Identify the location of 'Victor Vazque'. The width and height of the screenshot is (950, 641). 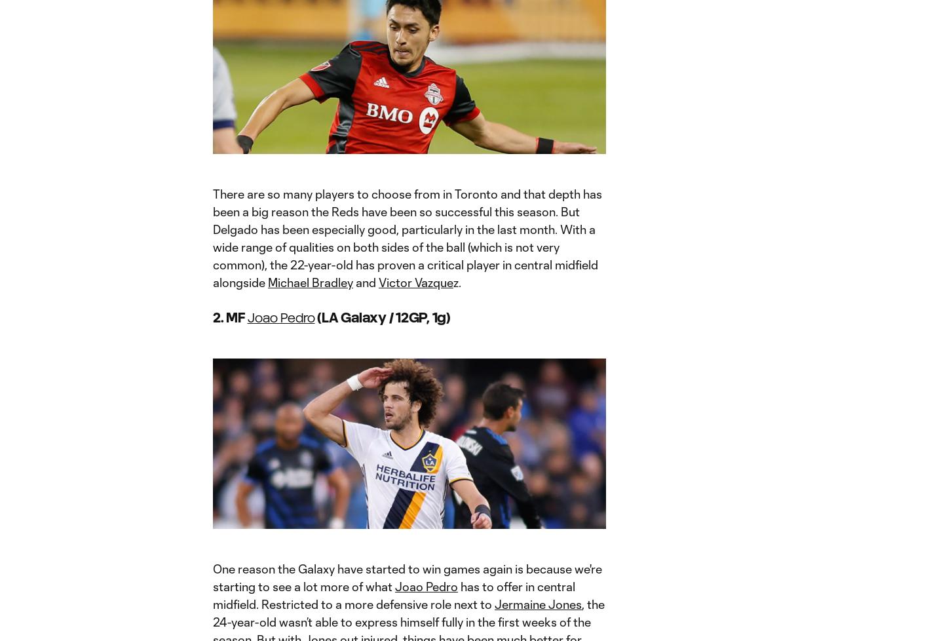
(415, 282).